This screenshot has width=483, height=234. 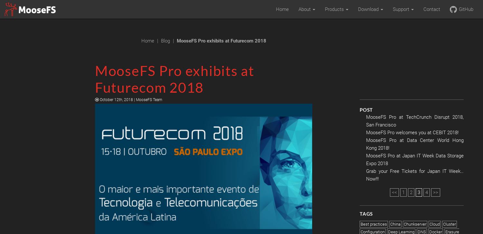 What do you see at coordinates (366, 110) in the screenshot?
I see `'Post'` at bounding box center [366, 110].